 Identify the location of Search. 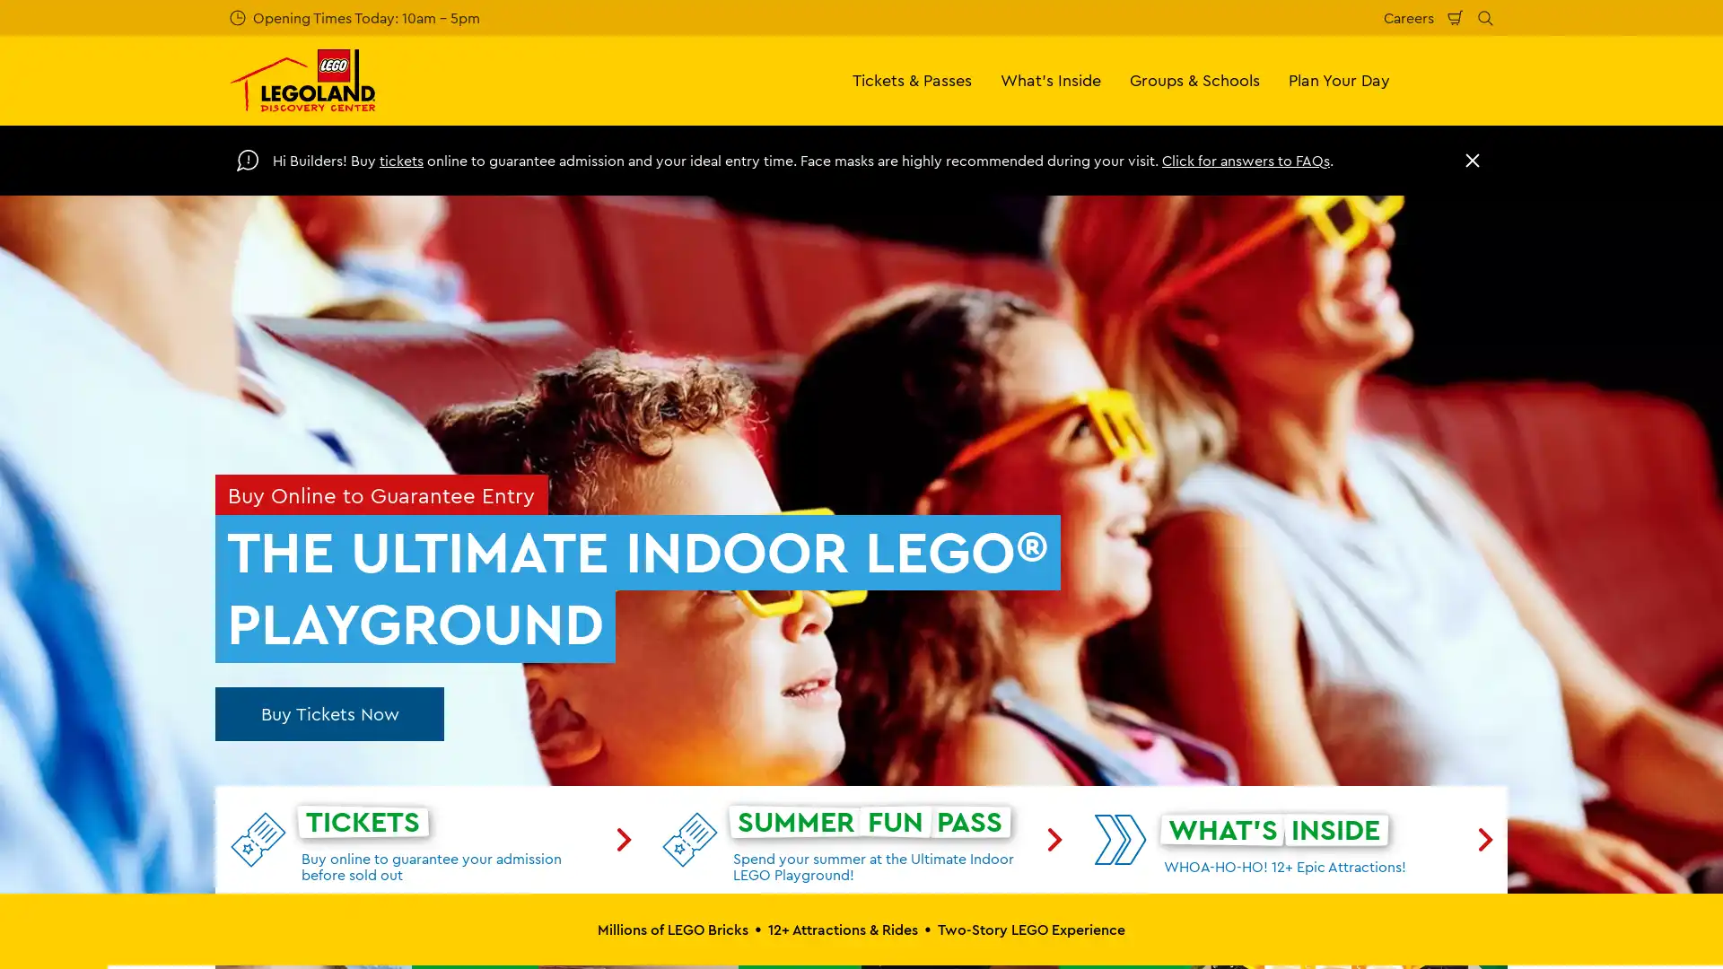
(1485, 17).